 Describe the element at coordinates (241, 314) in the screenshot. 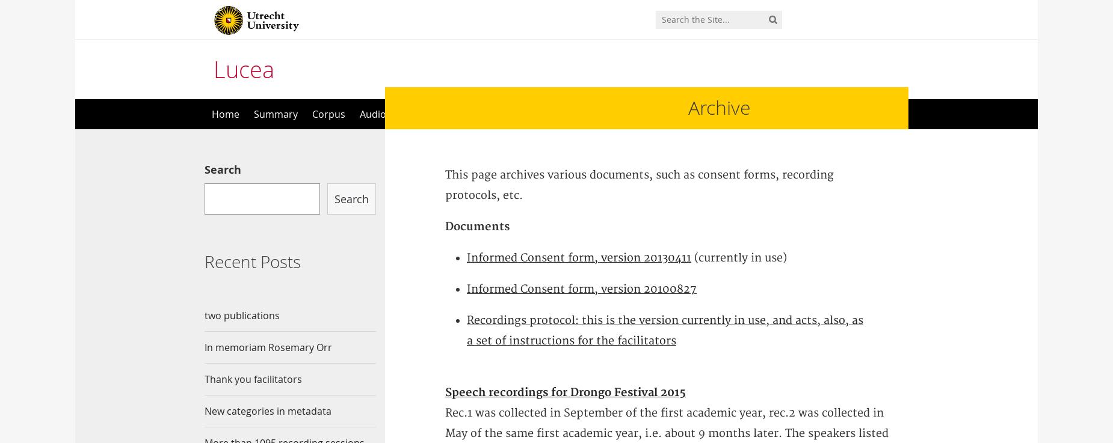

I see `'two publications'` at that location.